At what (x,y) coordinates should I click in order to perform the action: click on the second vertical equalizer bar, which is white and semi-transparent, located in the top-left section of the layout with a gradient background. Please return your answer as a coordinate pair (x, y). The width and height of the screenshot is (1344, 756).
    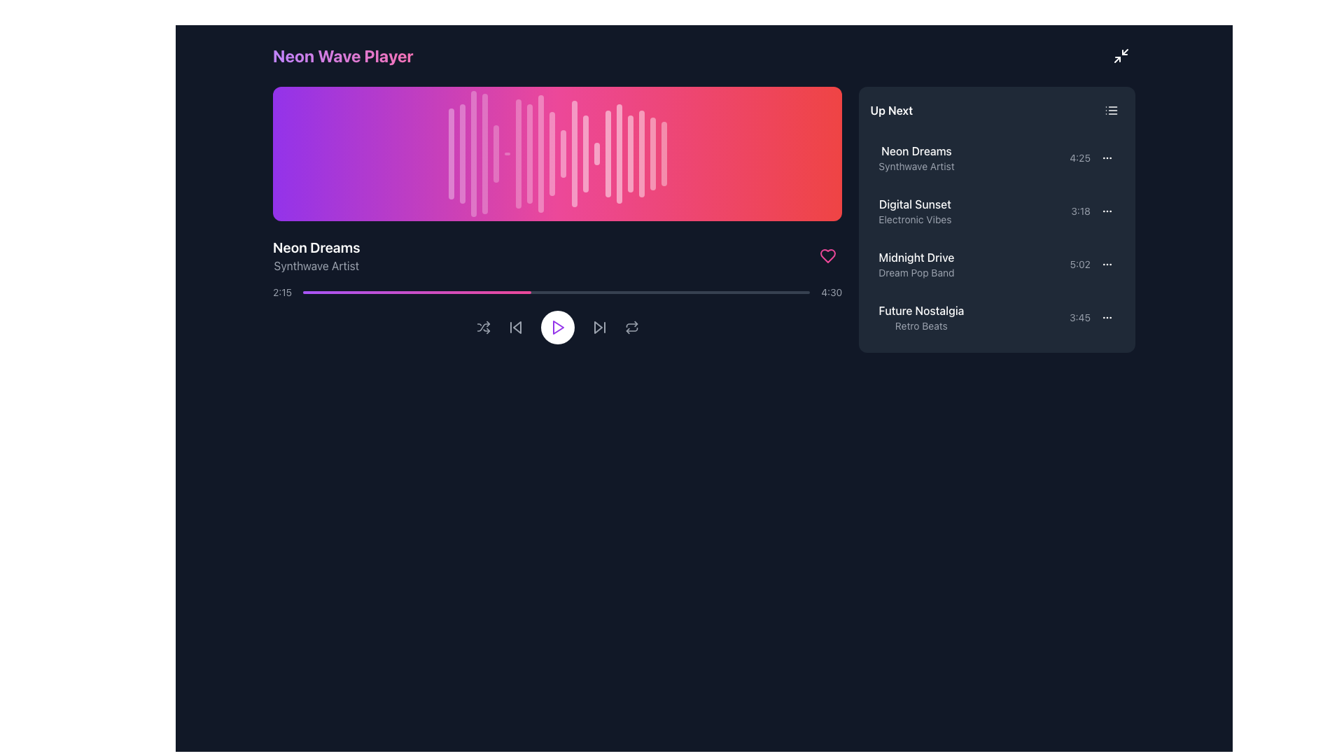
    Looking at the image, I should click on (462, 153).